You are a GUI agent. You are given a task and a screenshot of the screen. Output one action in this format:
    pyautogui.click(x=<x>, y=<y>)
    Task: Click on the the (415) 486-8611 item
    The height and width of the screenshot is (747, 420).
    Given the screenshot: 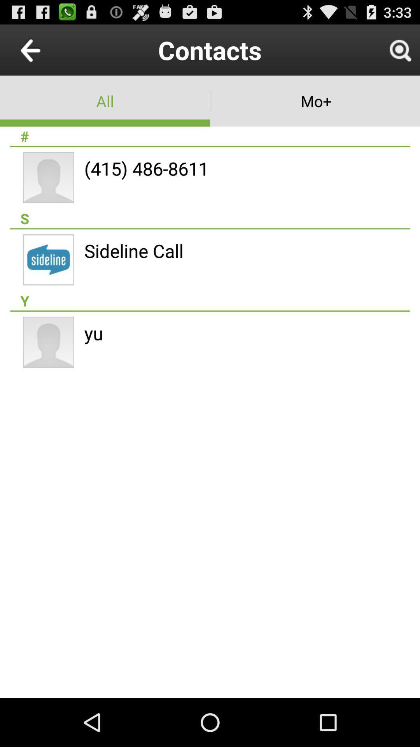 What is the action you would take?
    pyautogui.click(x=146, y=168)
    